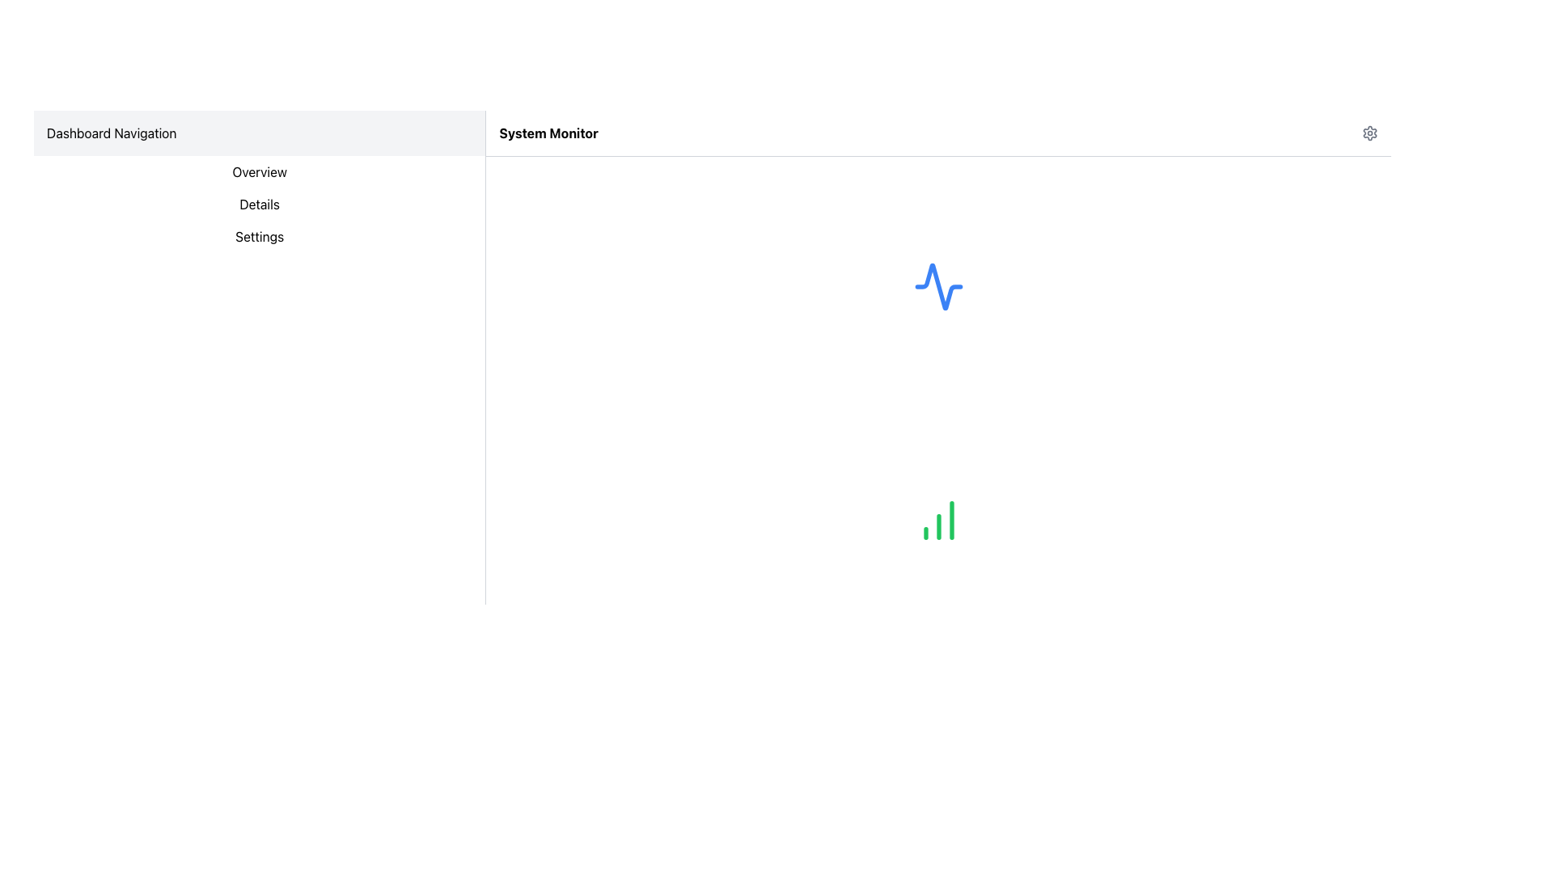 The height and width of the screenshot is (873, 1553). I want to click on the small gear-shaped settings icon located in the top right corner of the interface, so click(1369, 133).